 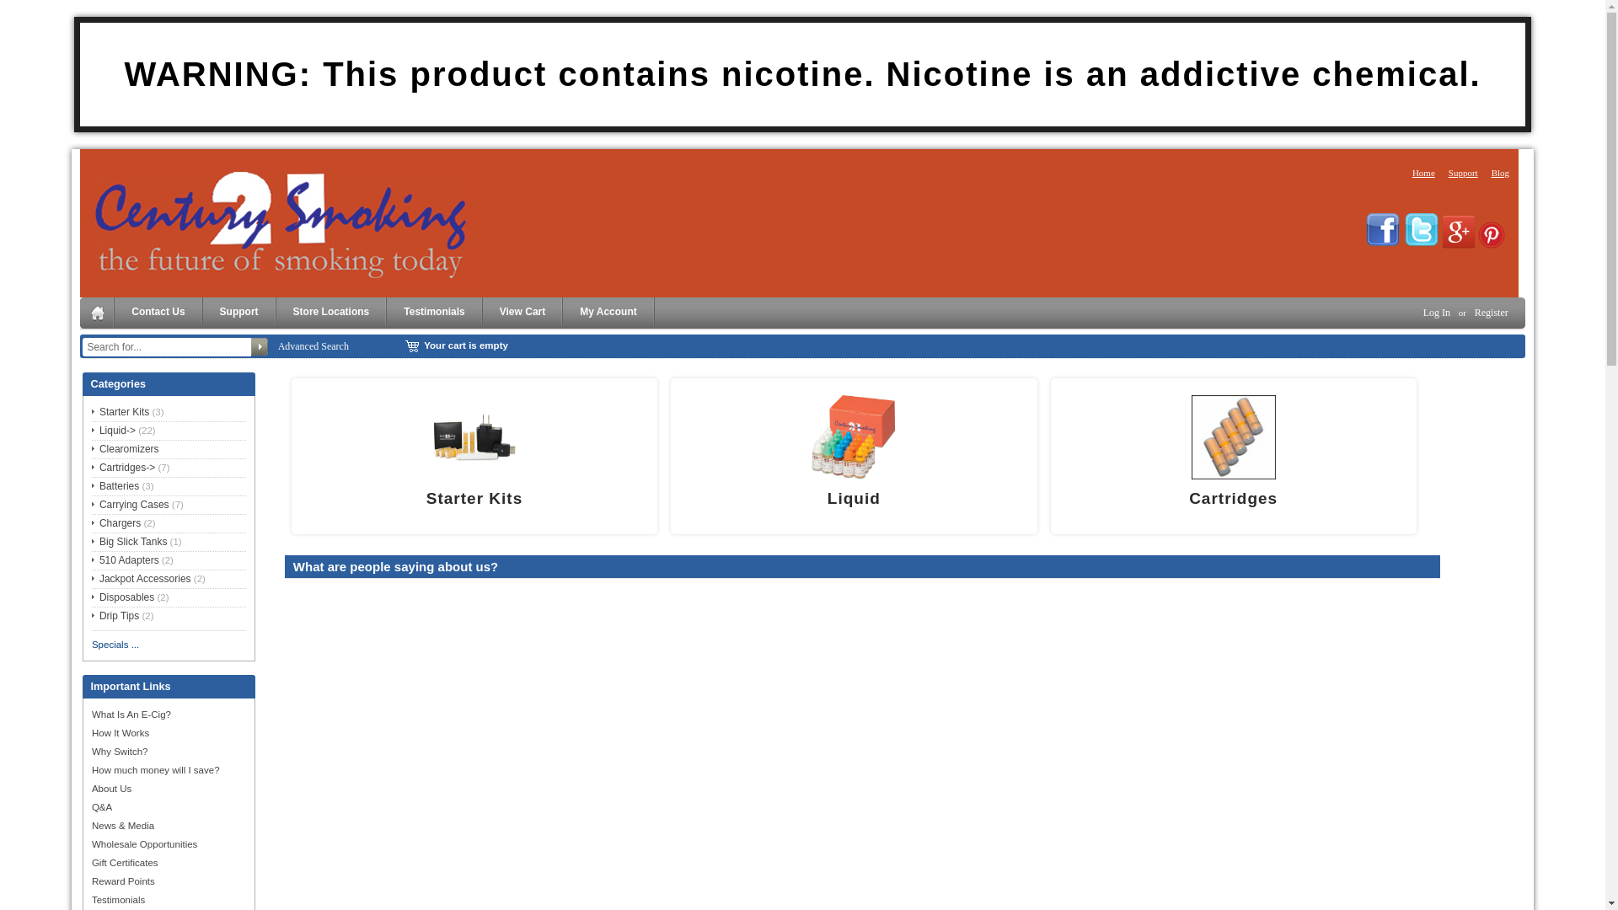 What do you see at coordinates (124, 447) in the screenshot?
I see `'Clearomizers'` at bounding box center [124, 447].